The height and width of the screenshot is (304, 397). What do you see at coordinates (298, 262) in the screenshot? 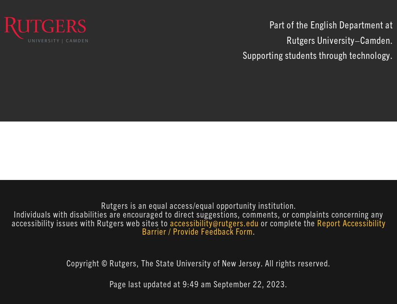
I see `'All rights reserved.'` at bounding box center [298, 262].